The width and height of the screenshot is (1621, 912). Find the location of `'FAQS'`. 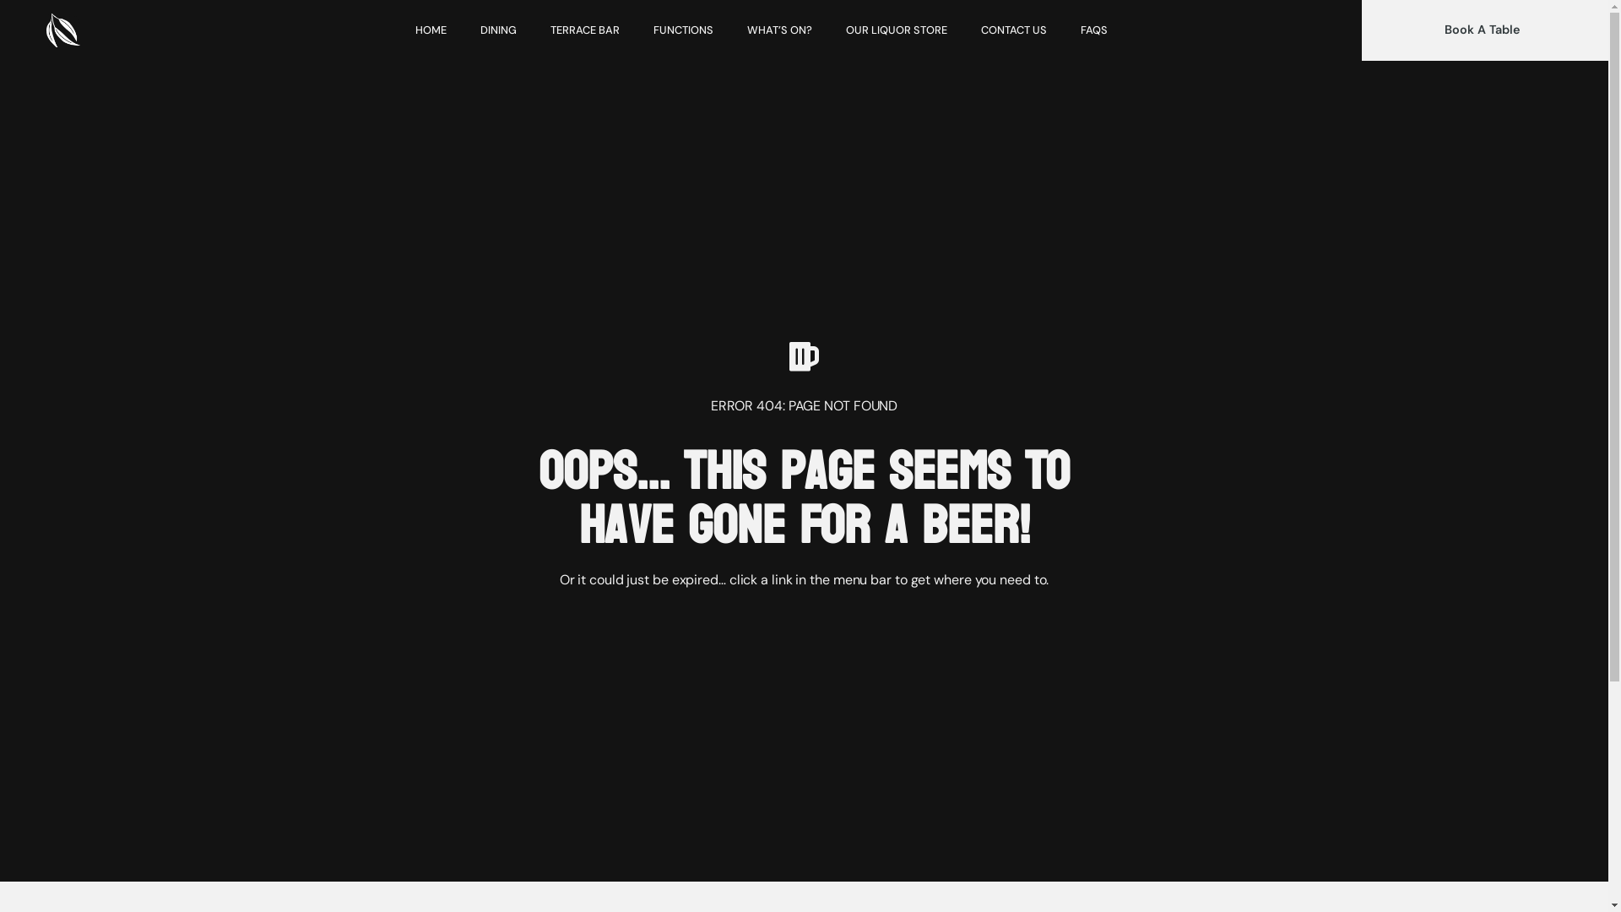

'FAQS' is located at coordinates (1094, 30).